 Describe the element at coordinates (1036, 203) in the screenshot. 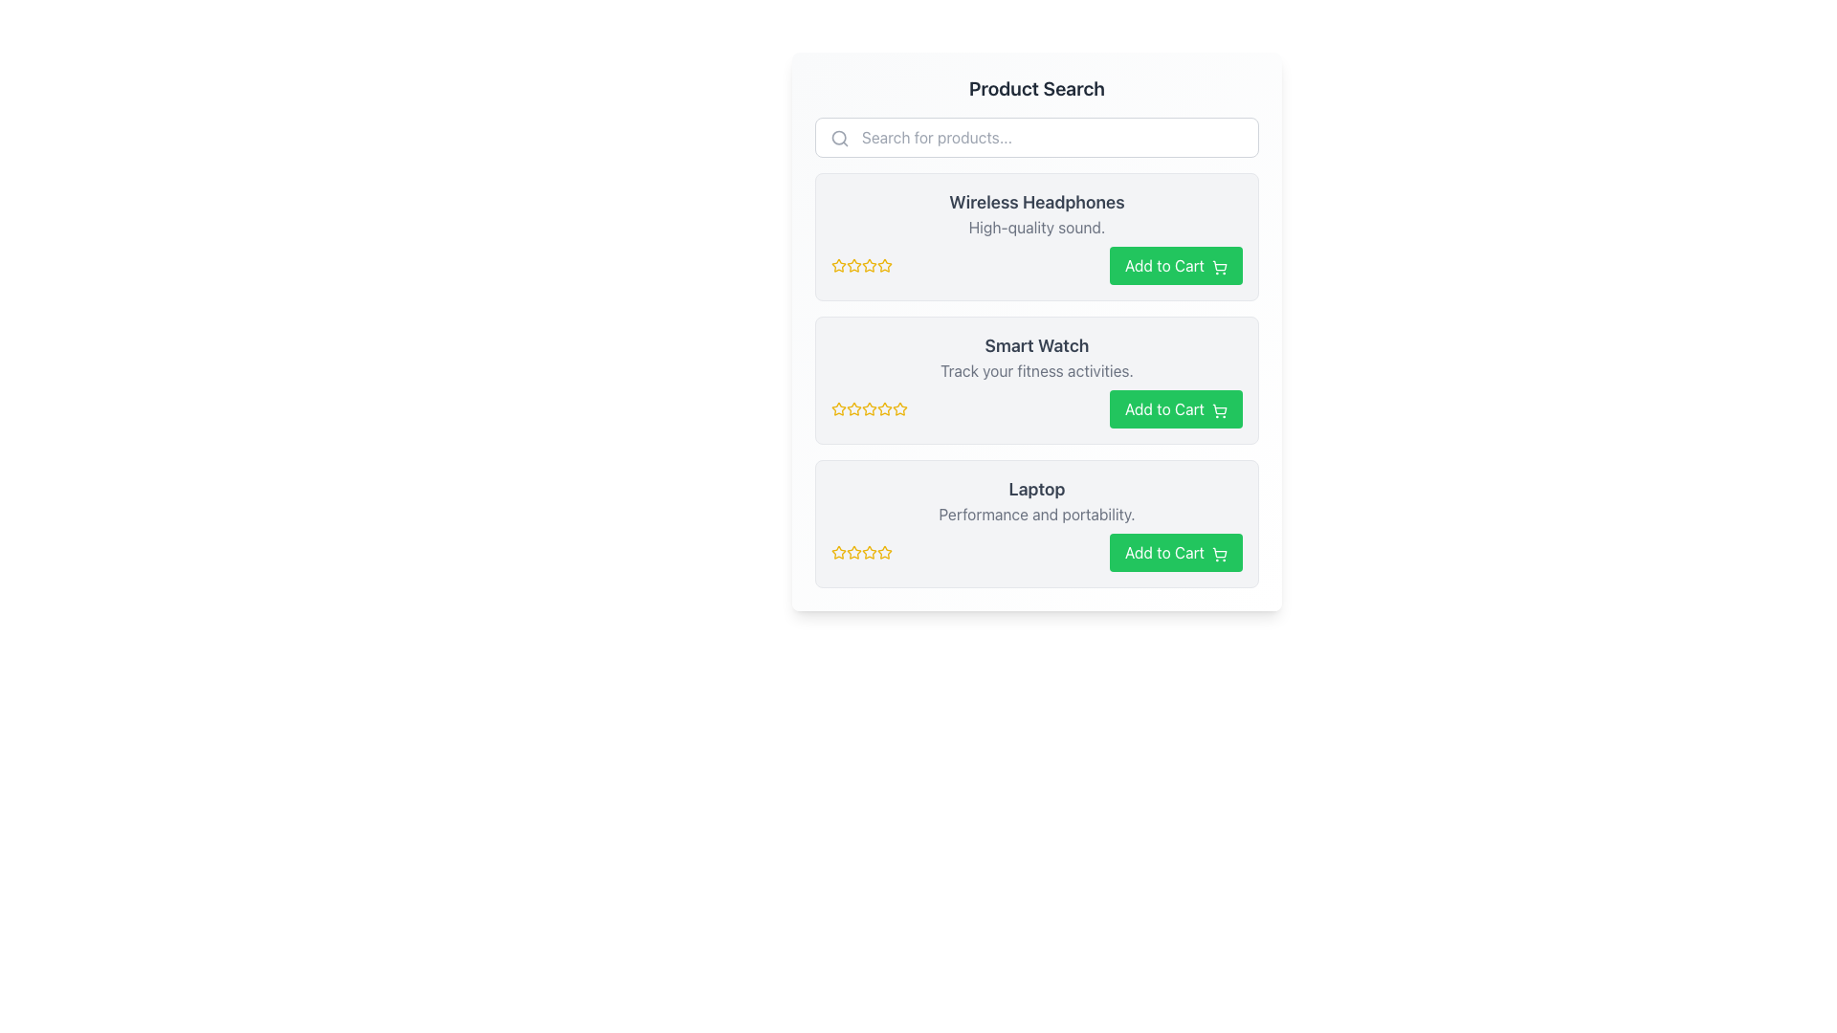

I see `title text 'Wireless Headphones' displayed in bold and larger font at the top of the first product card, above the description 'High-quality sound.'` at that location.